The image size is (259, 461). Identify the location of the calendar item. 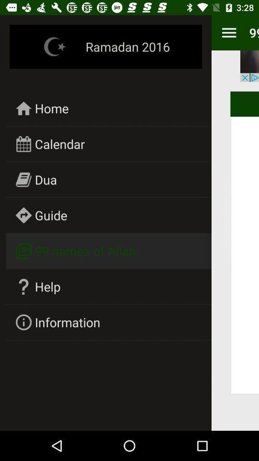
(59, 143).